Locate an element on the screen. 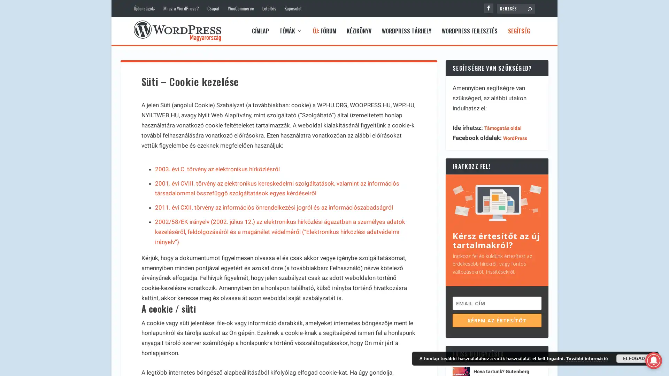  KEREM AZ ERTESITOT is located at coordinates (497, 320).